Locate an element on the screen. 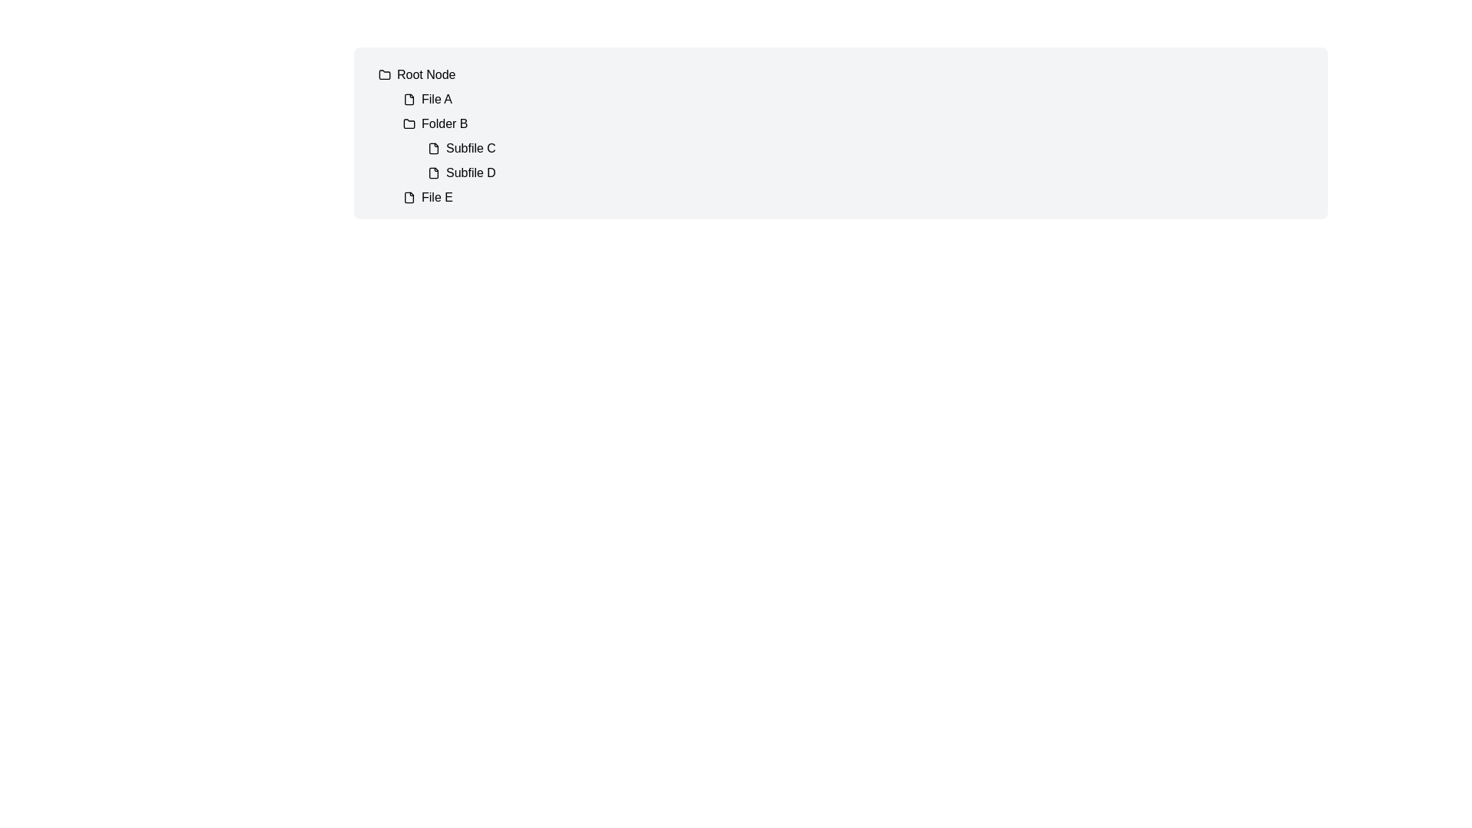 The width and height of the screenshot is (1472, 828). the folder icon which is an open folder graphic with rounded edges, located directly preceding the text 'Folder B' in the hierarchical list under 'Root Node' is located at coordinates (385, 74).